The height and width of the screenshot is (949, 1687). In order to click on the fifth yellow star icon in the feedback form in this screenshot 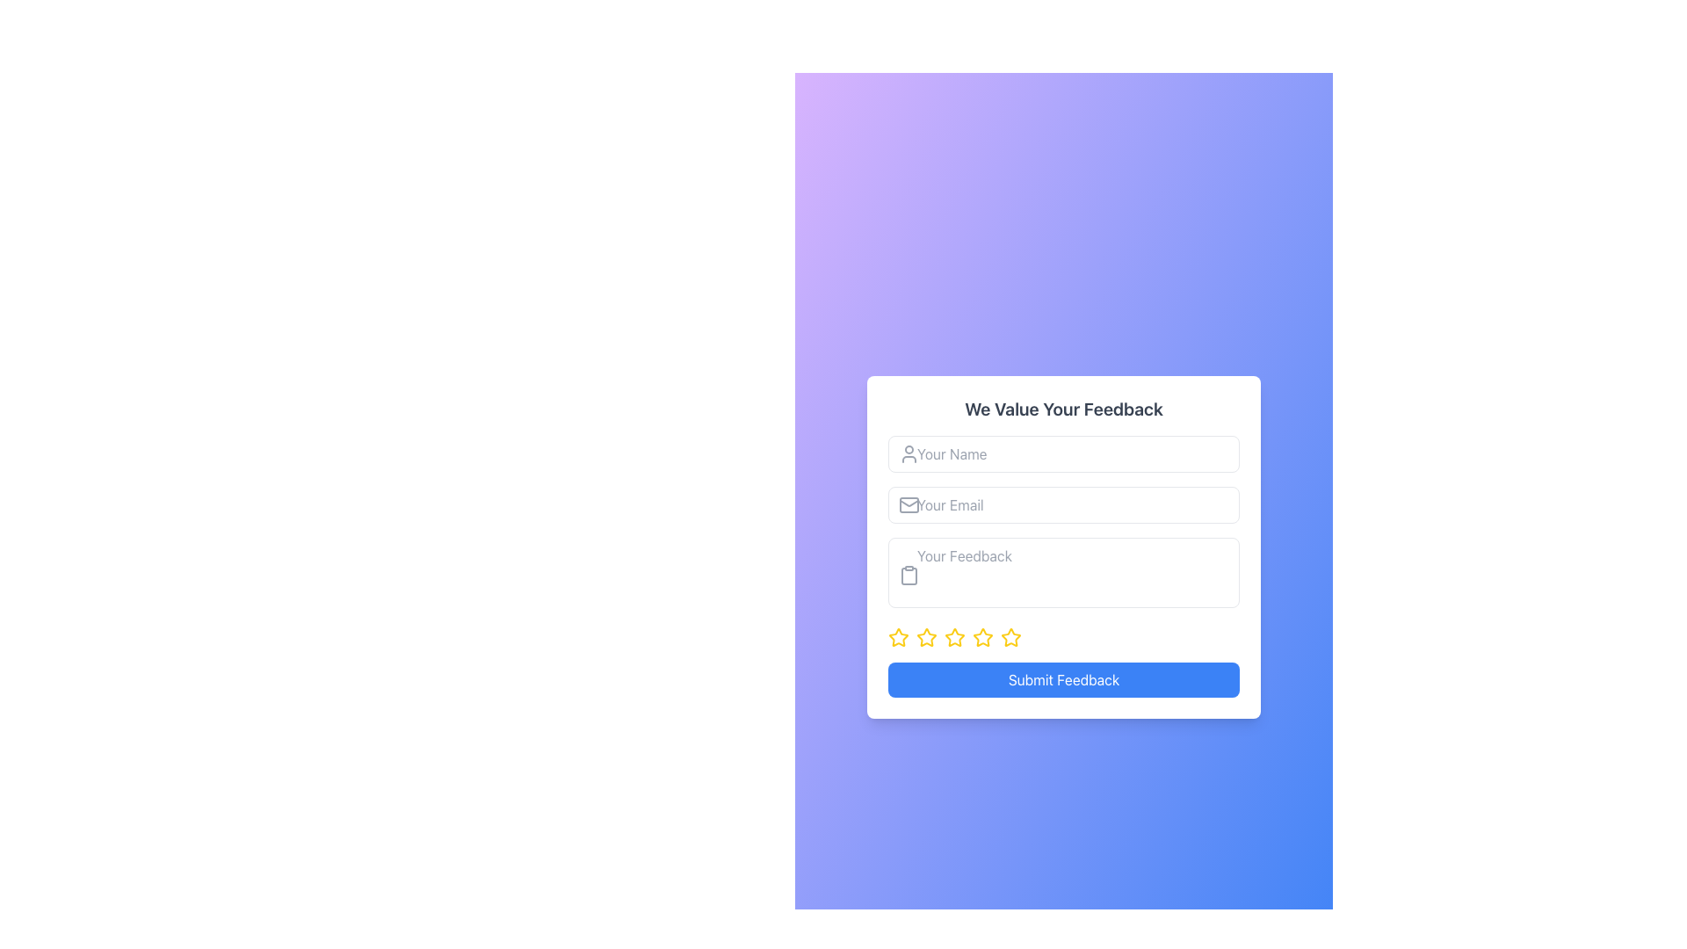, I will do `click(953, 637)`.